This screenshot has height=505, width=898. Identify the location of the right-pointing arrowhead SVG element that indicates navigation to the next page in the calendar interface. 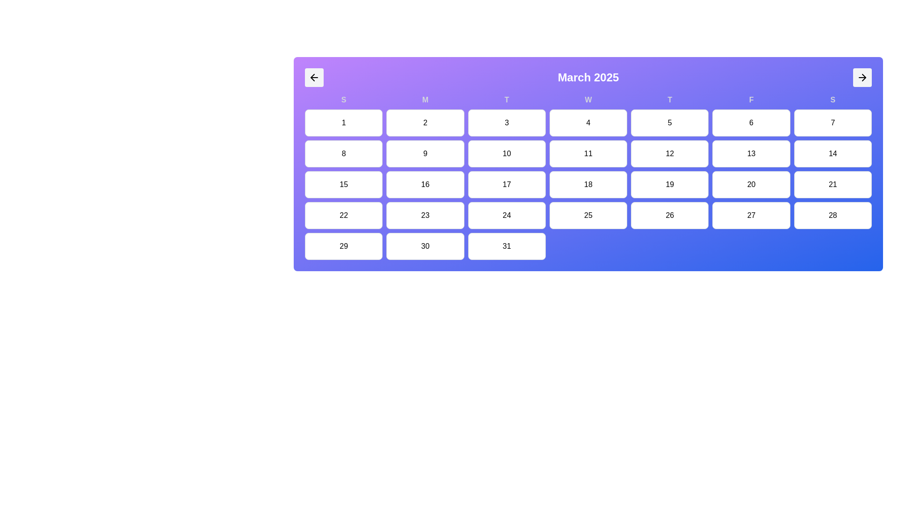
(863, 77).